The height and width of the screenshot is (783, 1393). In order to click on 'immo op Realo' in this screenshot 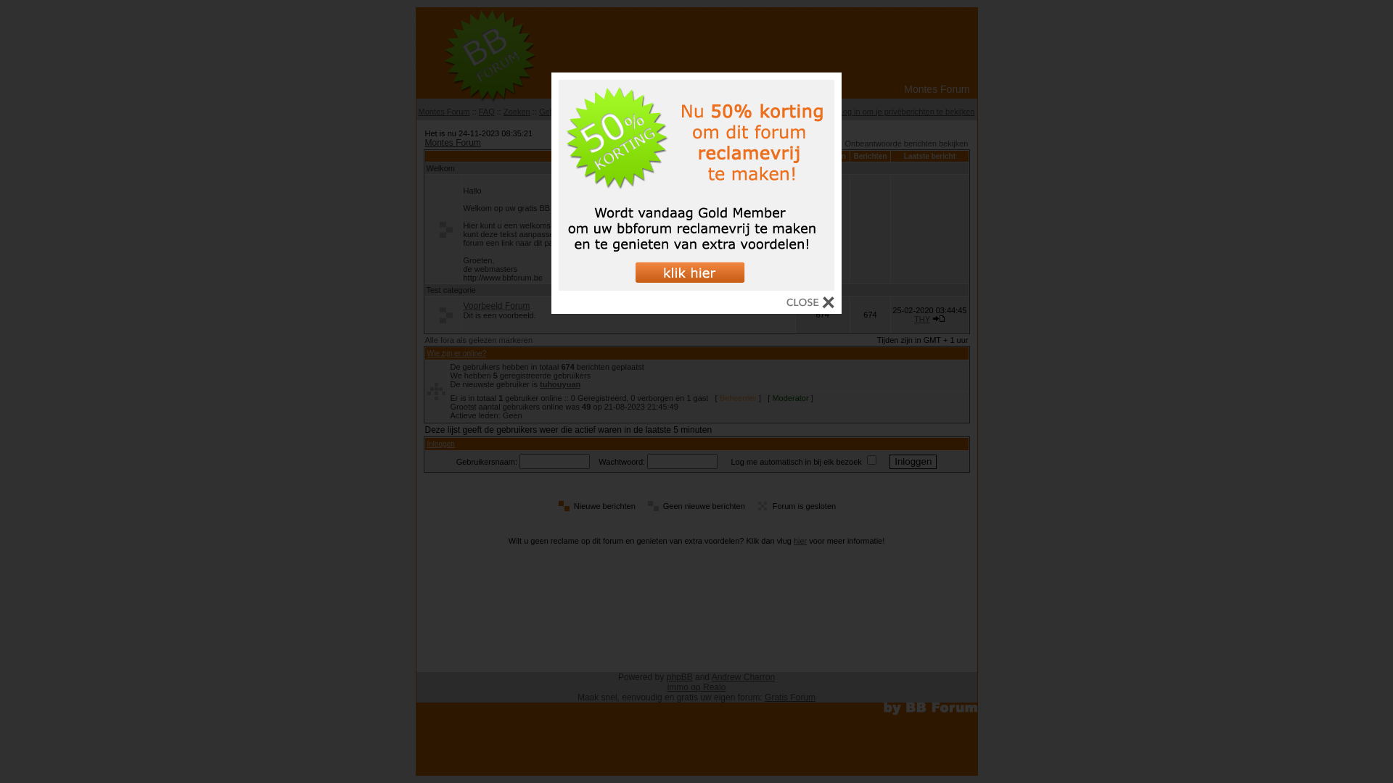, I will do `click(696, 687)`.